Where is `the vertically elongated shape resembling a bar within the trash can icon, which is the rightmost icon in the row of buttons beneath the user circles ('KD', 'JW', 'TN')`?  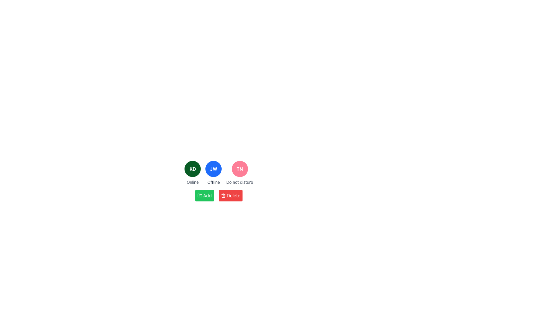
the vertically elongated shape resembling a bar within the trash can icon, which is the rightmost icon in the row of buttons beneath the user circles ('KD', 'JW', 'TN') is located at coordinates (223, 196).